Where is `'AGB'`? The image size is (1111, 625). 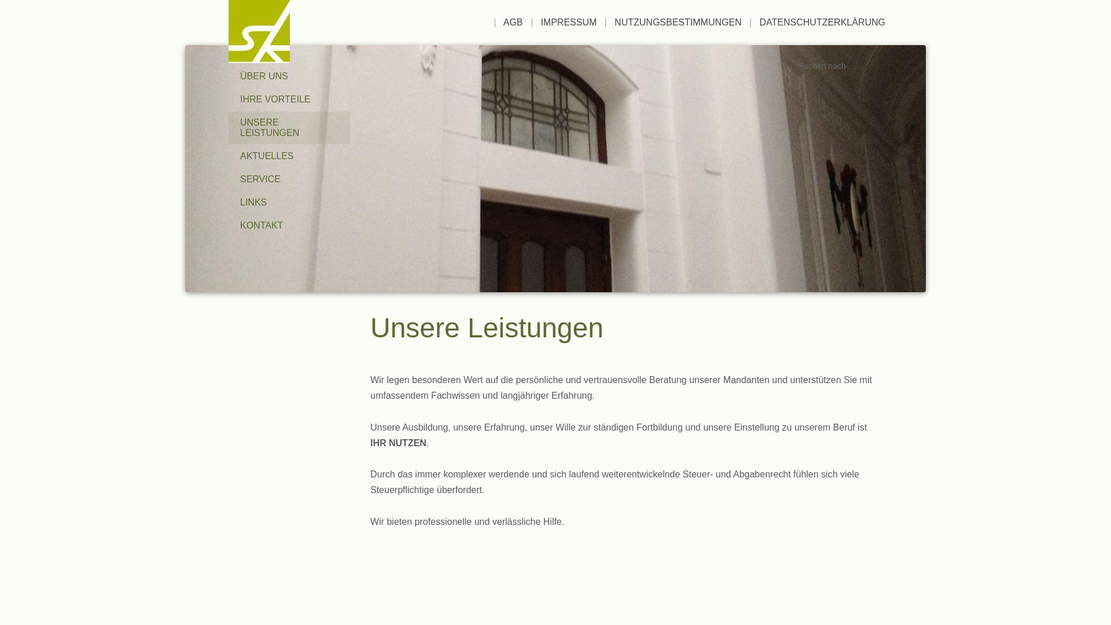 'AGB' is located at coordinates (513, 22).